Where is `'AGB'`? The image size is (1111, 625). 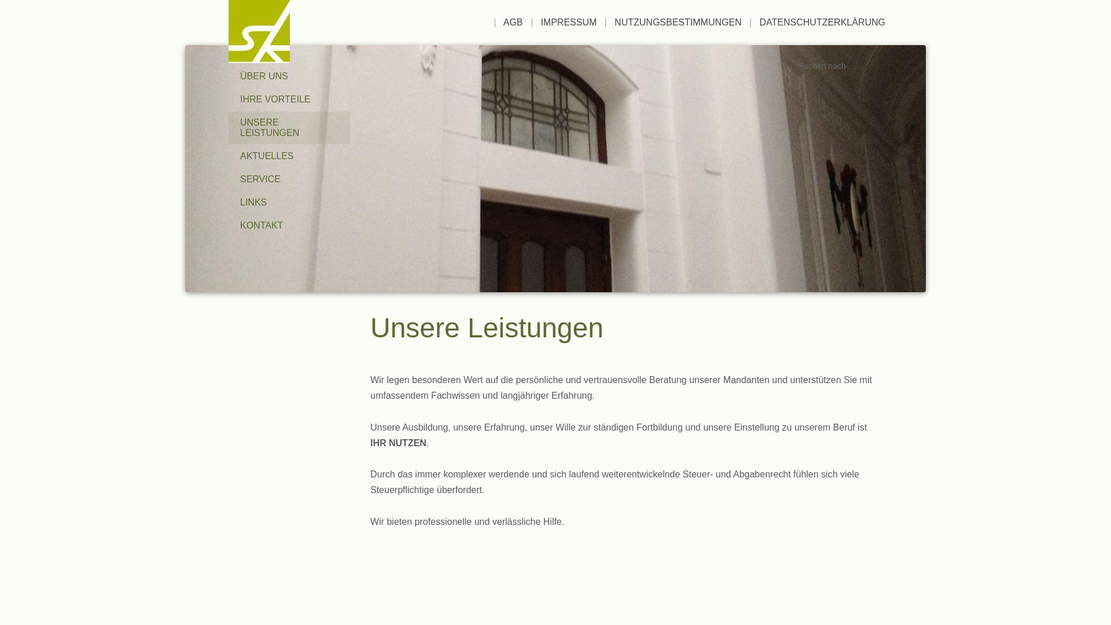 'AGB' is located at coordinates (513, 22).